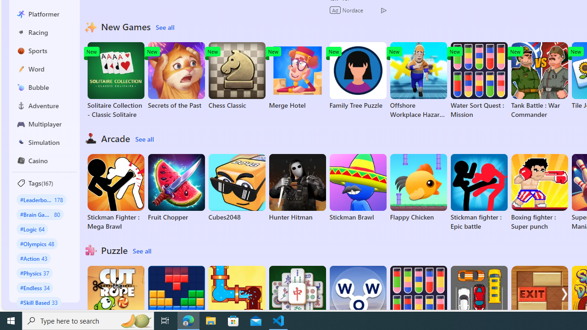  What do you see at coordinates (39, 214) in the screenshot?
I see `'#Brain Games 80'` at bounding box center [39, 214].